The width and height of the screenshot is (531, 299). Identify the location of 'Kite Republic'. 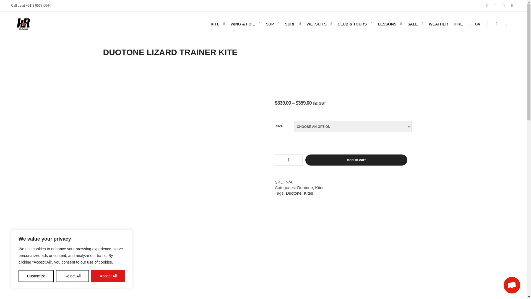
(11, 49).